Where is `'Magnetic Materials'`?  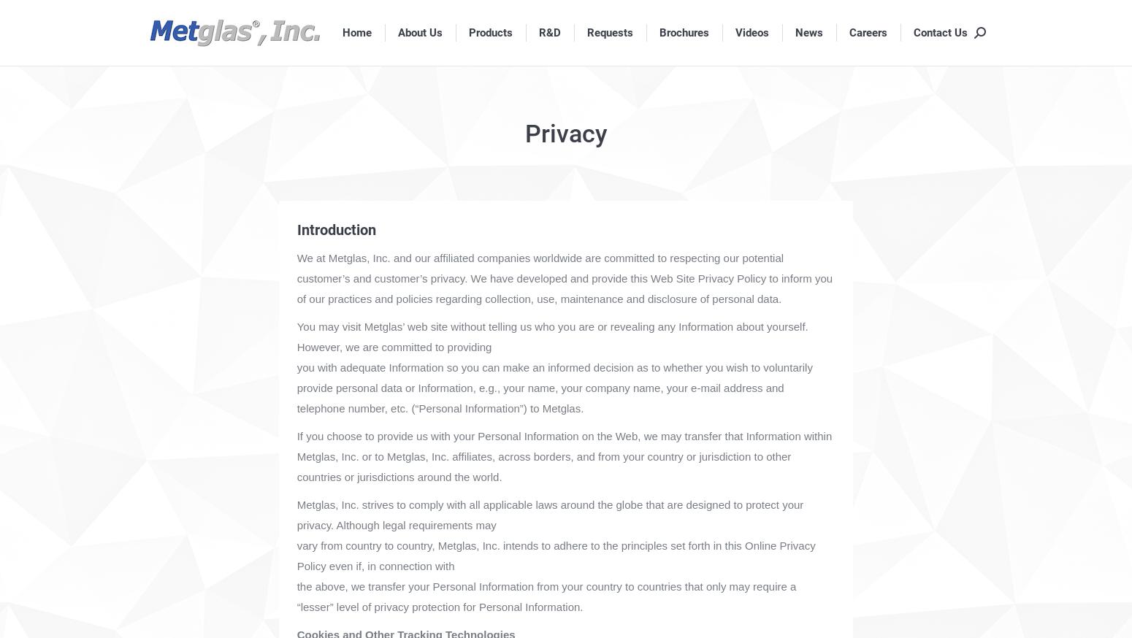
'Magnetic Materials' is located at coordinates (510, 156).